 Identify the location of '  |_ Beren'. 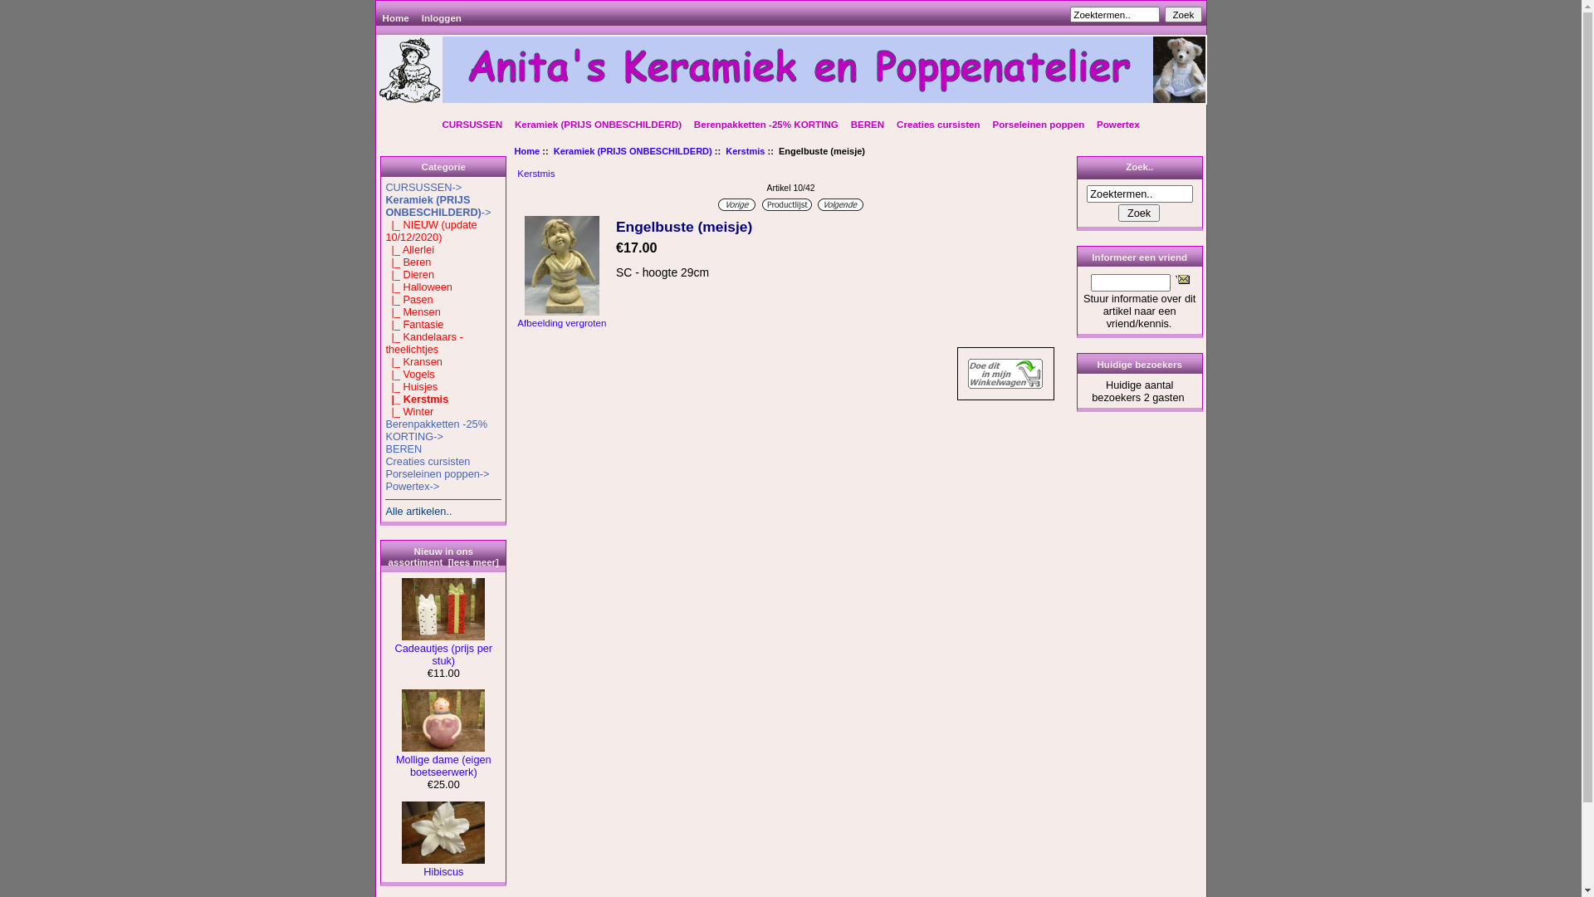
(408, 262).